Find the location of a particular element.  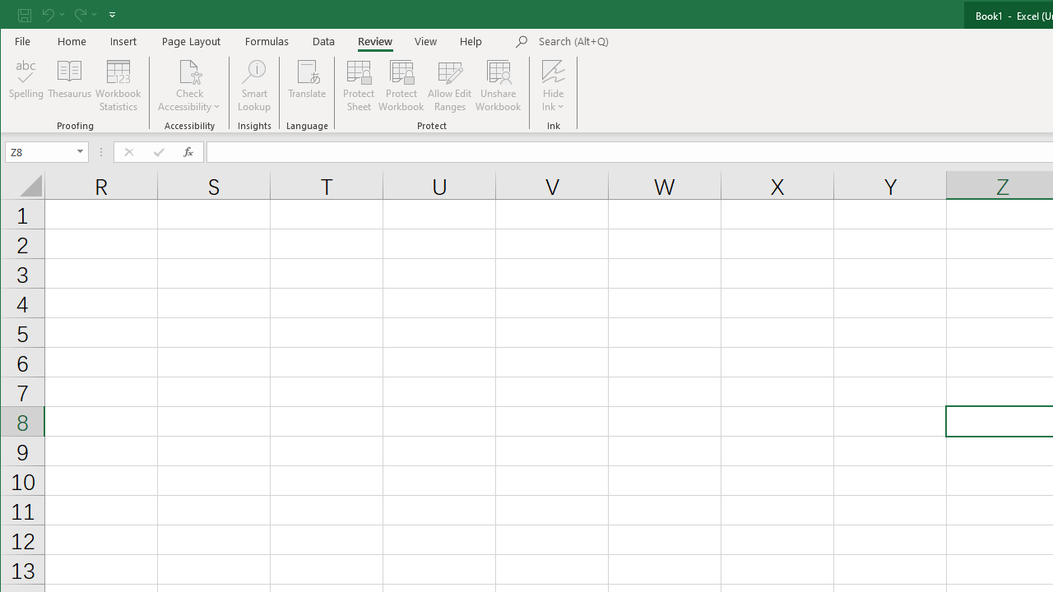

'Translate' is located at coordinates (307, 86).